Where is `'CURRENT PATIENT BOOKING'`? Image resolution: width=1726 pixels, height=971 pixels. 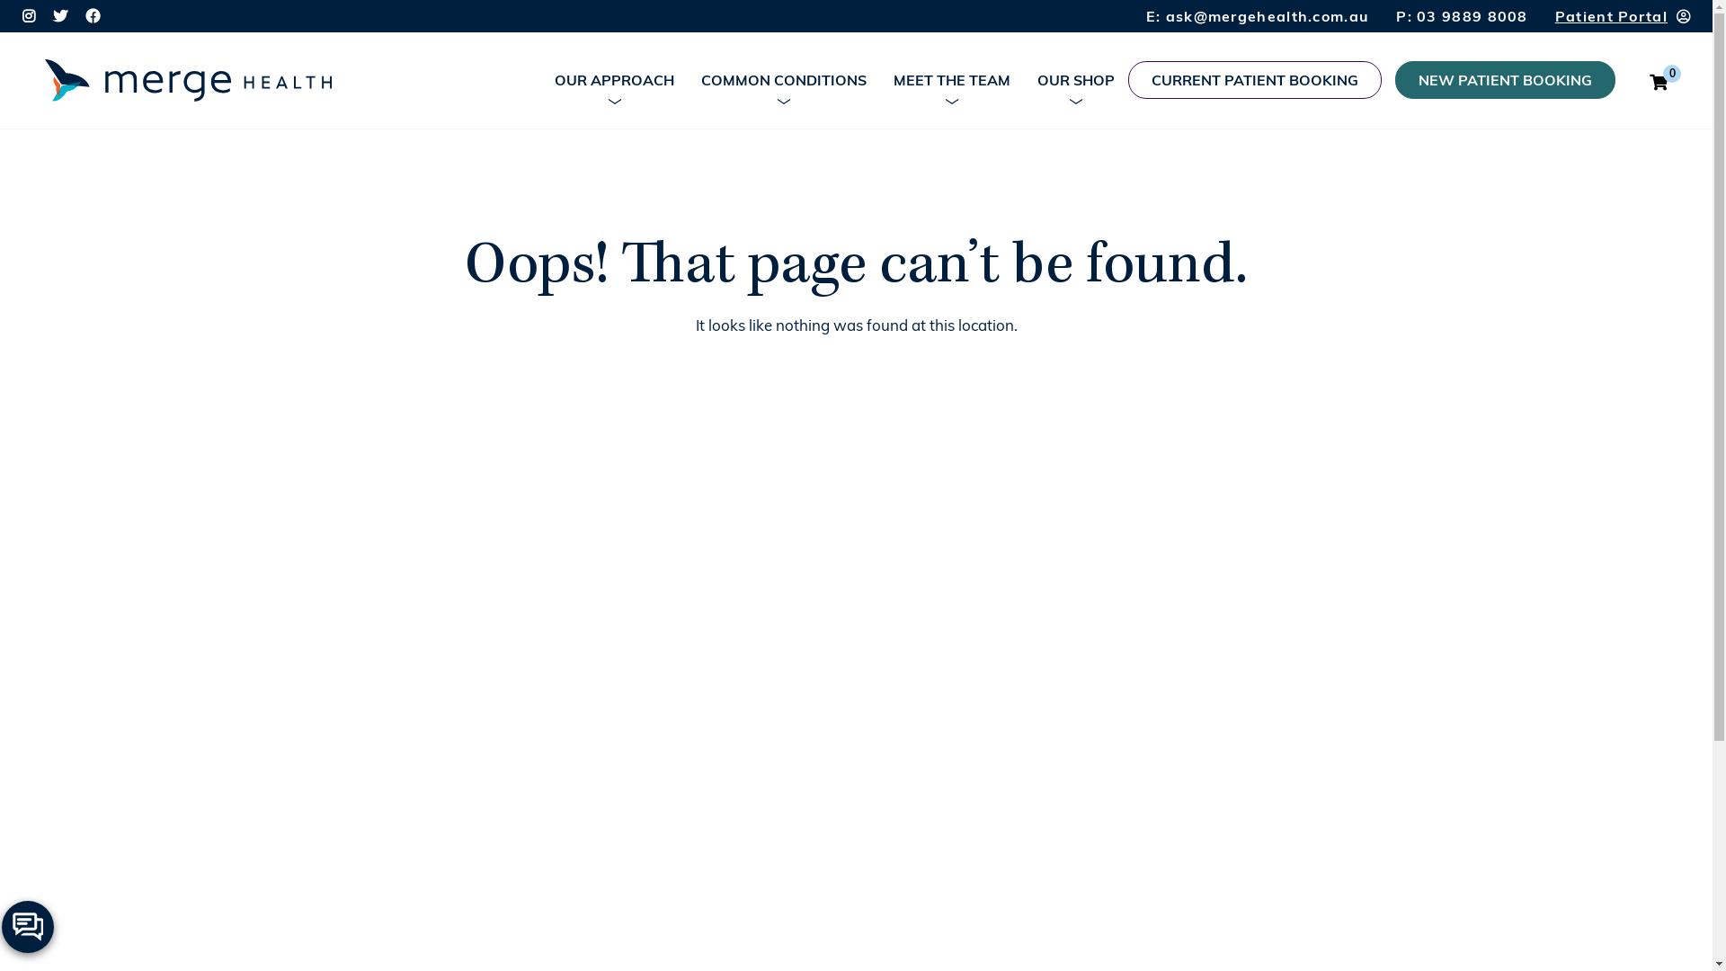
'CURRENT PATIENT BOOKING' is located at coordinates (1254, 78).